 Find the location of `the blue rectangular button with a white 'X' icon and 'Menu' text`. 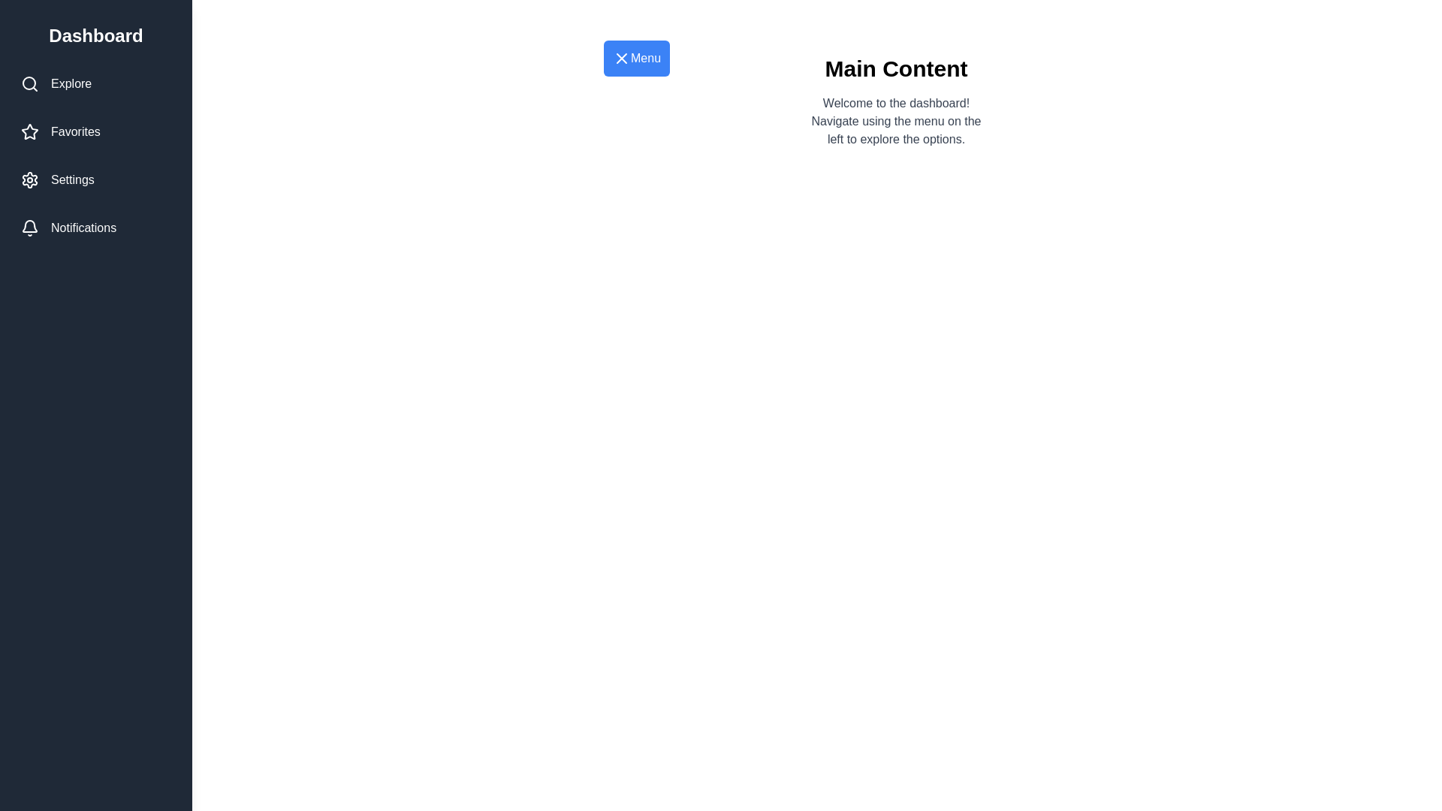

the blue rectangular button with a white 'X' icon and 'Menu' text is located at coordinates (637, 57).